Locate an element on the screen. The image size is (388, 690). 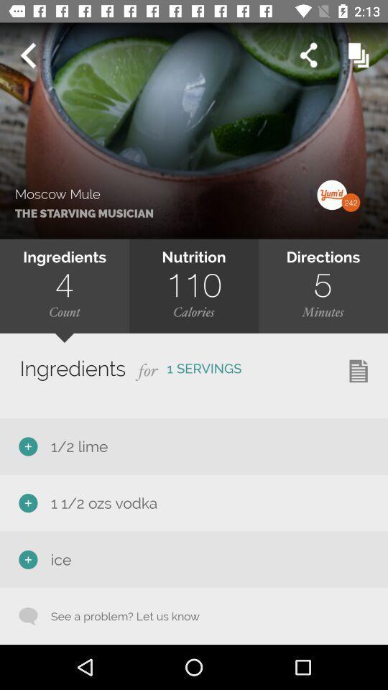
the option beside the share icon is located at coordinates (358, 55).